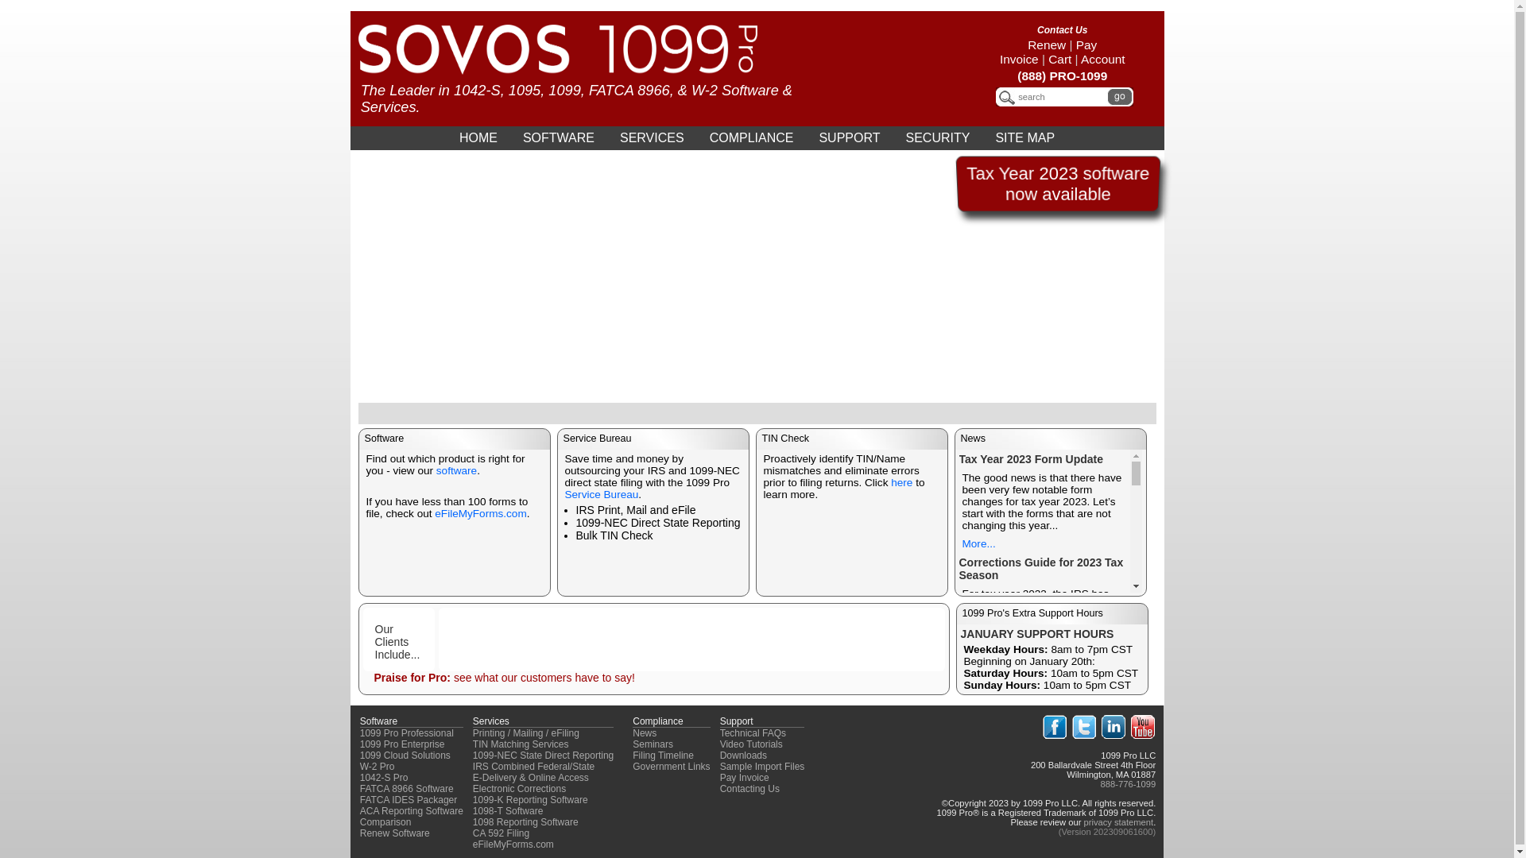  What do you see at coordinates (385, 821) in the screenshot?
I see `'Comparison'` at bounding box center [385, 821].